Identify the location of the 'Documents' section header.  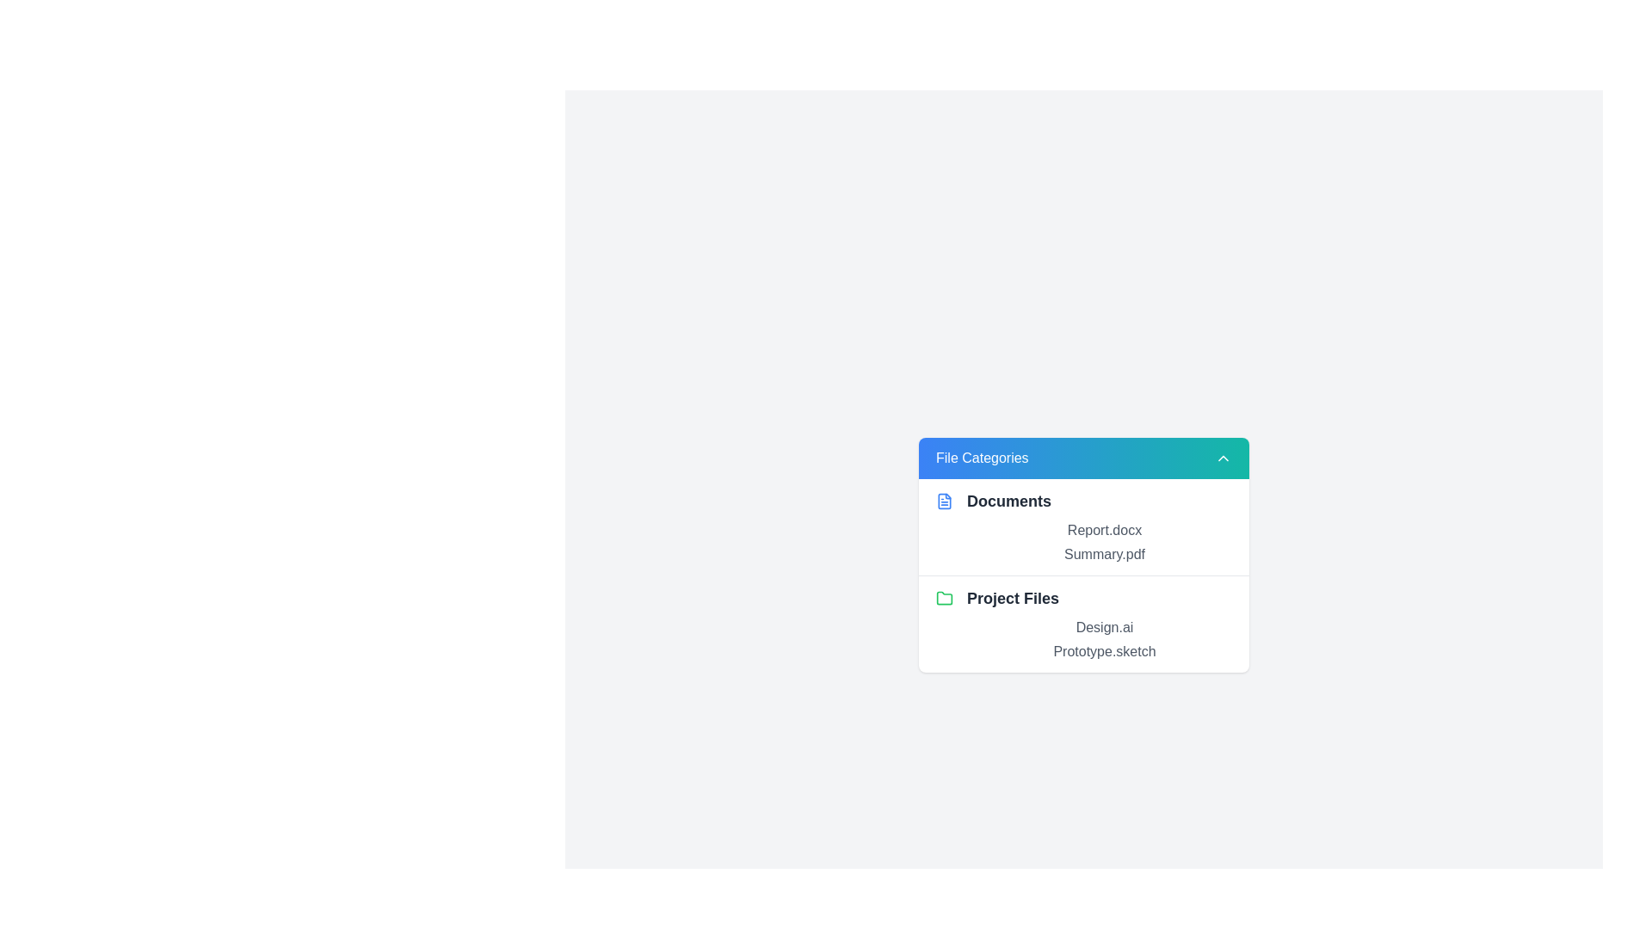
(1082, 526).